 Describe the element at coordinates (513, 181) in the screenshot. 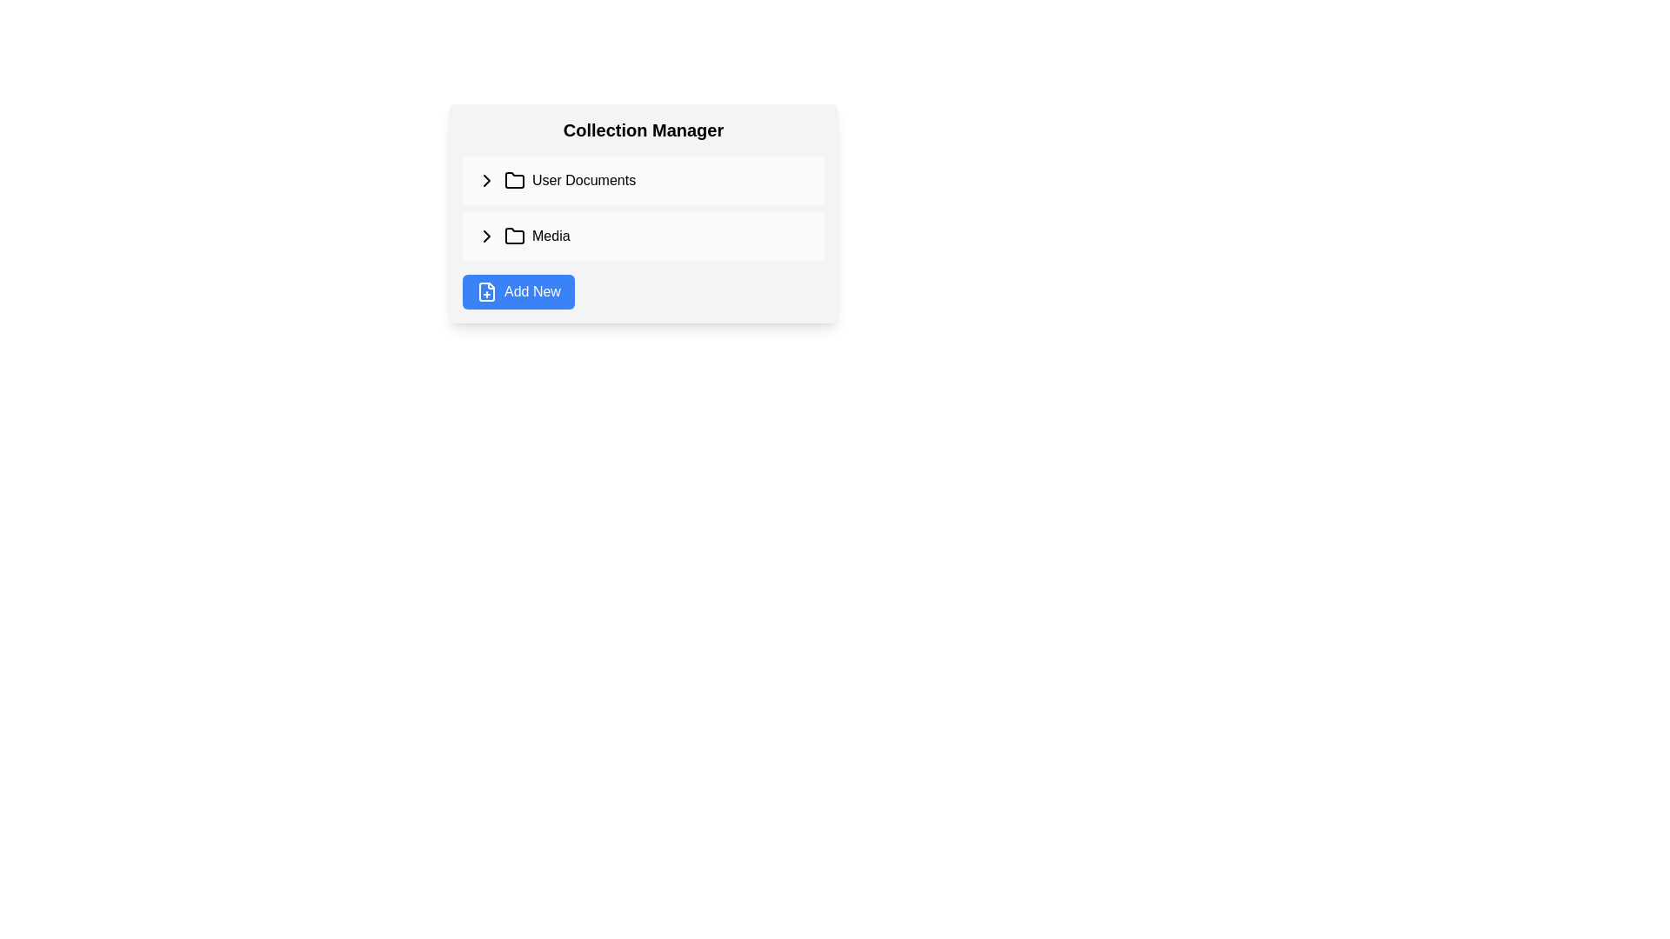

I see `the folder icon that visually signifies a collection of items, located immediately to the right of a small triangular icon and followed by the text 'User Documents'` at that location.